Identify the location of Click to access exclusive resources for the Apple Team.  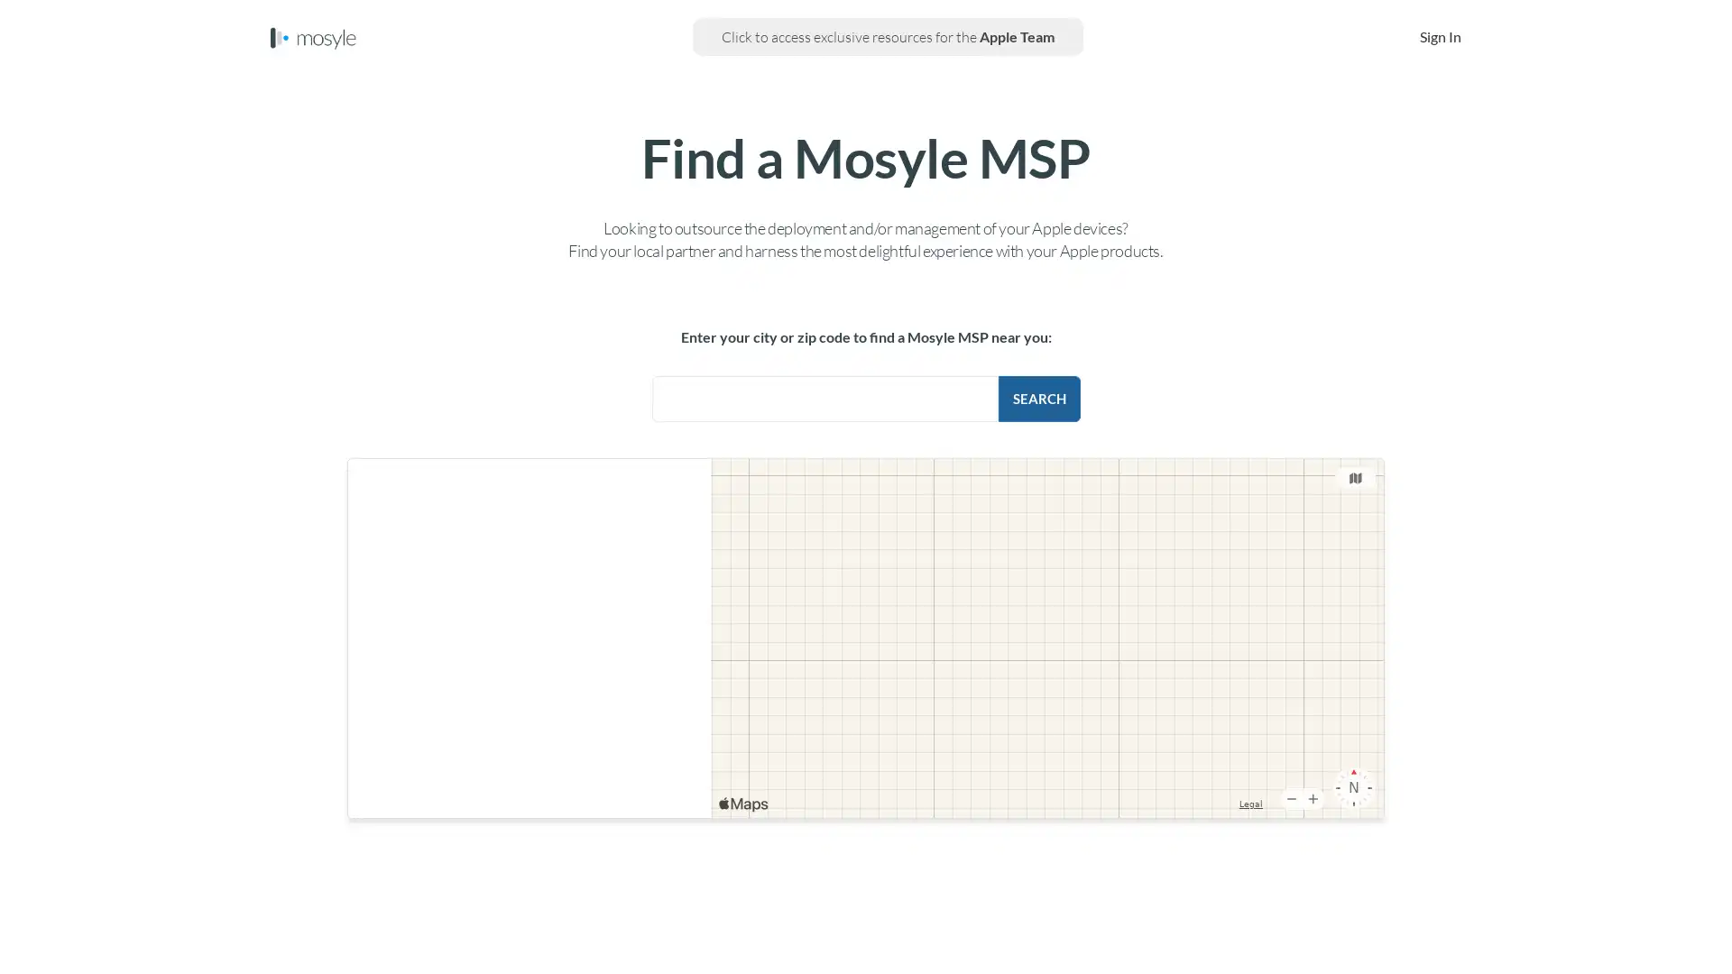
(888, 37).